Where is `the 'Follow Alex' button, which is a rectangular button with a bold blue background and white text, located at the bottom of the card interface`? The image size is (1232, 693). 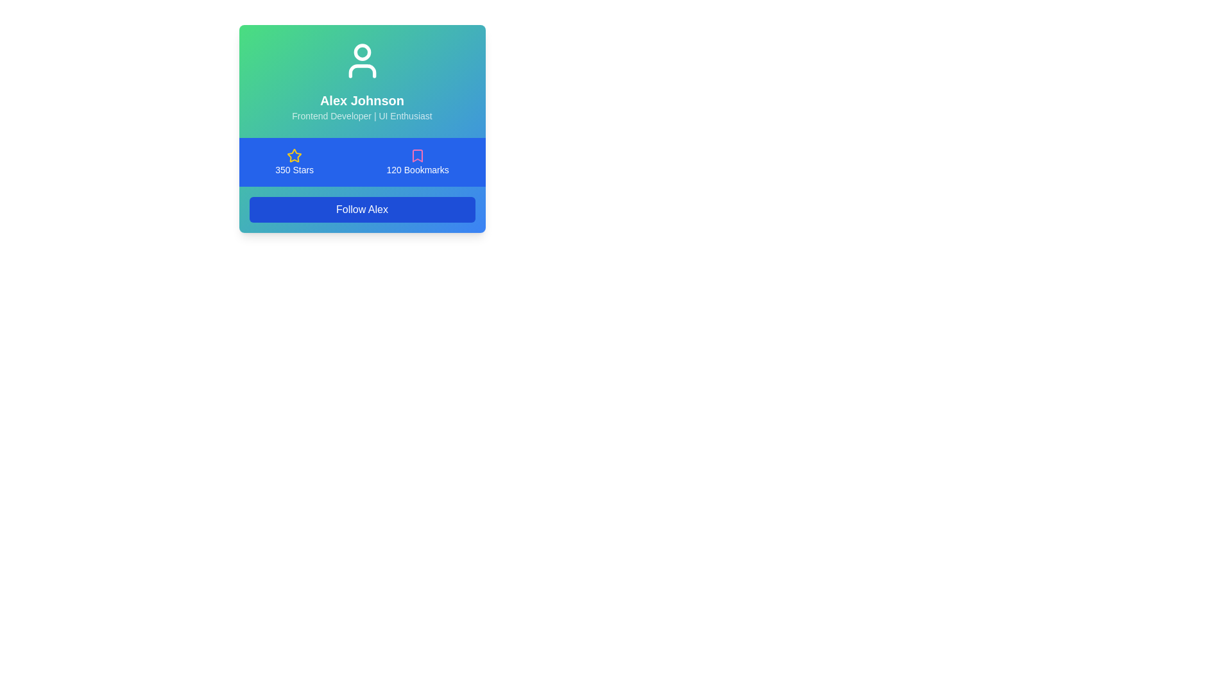
the 'Follow Alex' button, which is a rectangular button with a bold blue background and white text, located at the bottom of the card interface is located at coordinates (361, 209).